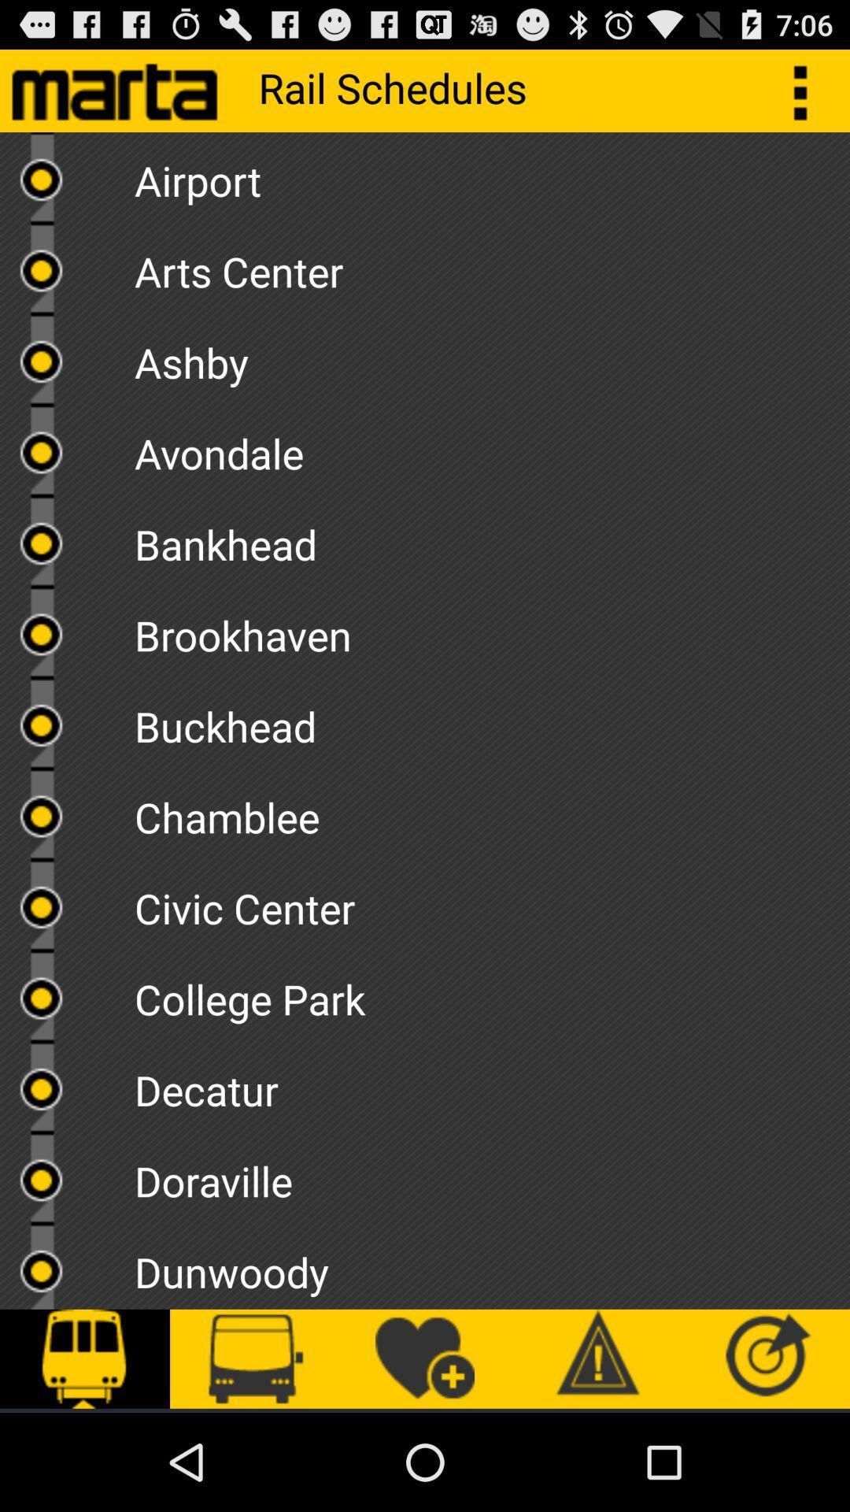 This screenshot has width=850, height=1512. Describe the element at coordinates (491, 356) in the screenshot. I see `the app above the avondale icon` at that location.